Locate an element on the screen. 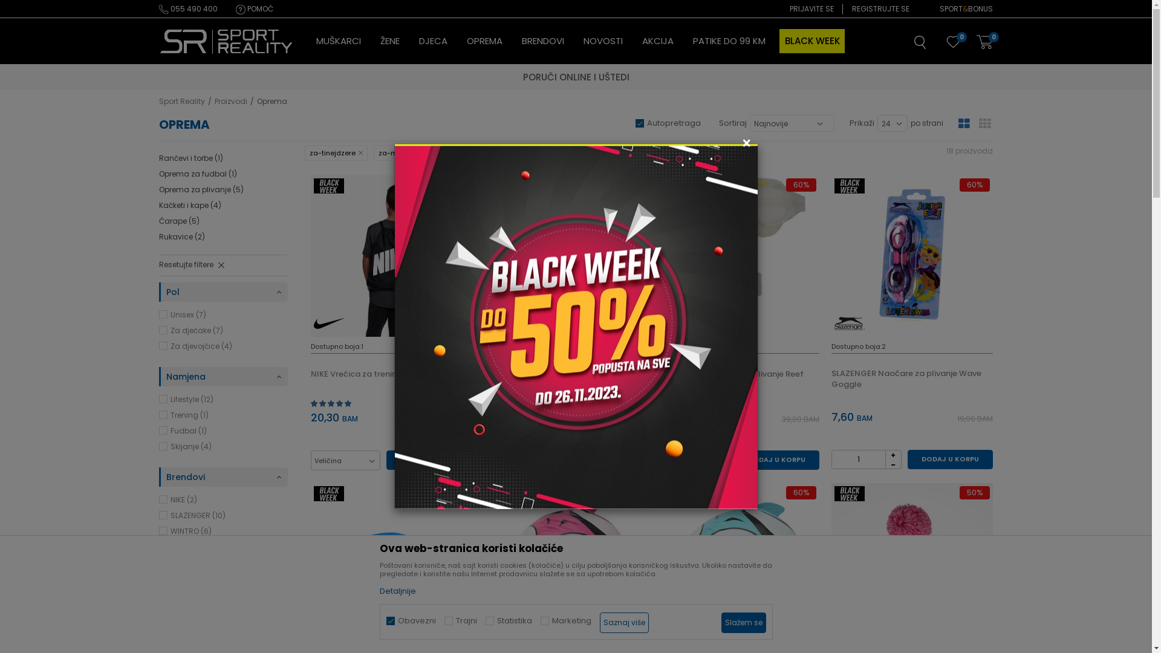 The width and height of the screenshot is (1161, 653). 'OPREMA' is located at coordinates (484, 41).